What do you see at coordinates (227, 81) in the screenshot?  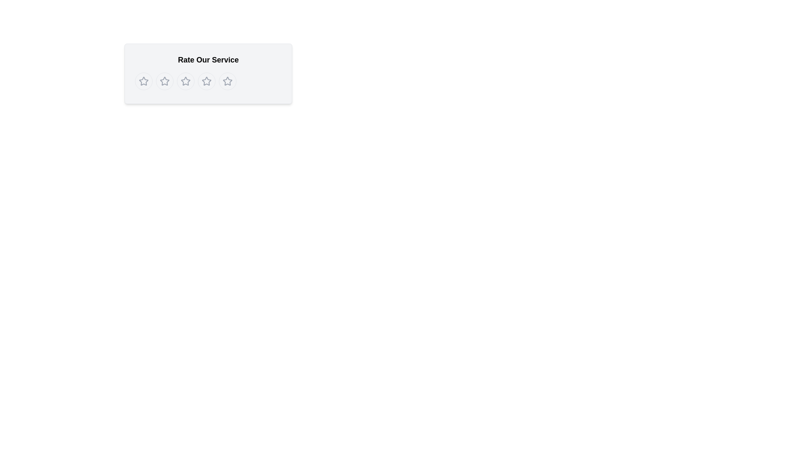 I see `the fifth star icon in the star-based rating UI` at bounding box center [227, 81].